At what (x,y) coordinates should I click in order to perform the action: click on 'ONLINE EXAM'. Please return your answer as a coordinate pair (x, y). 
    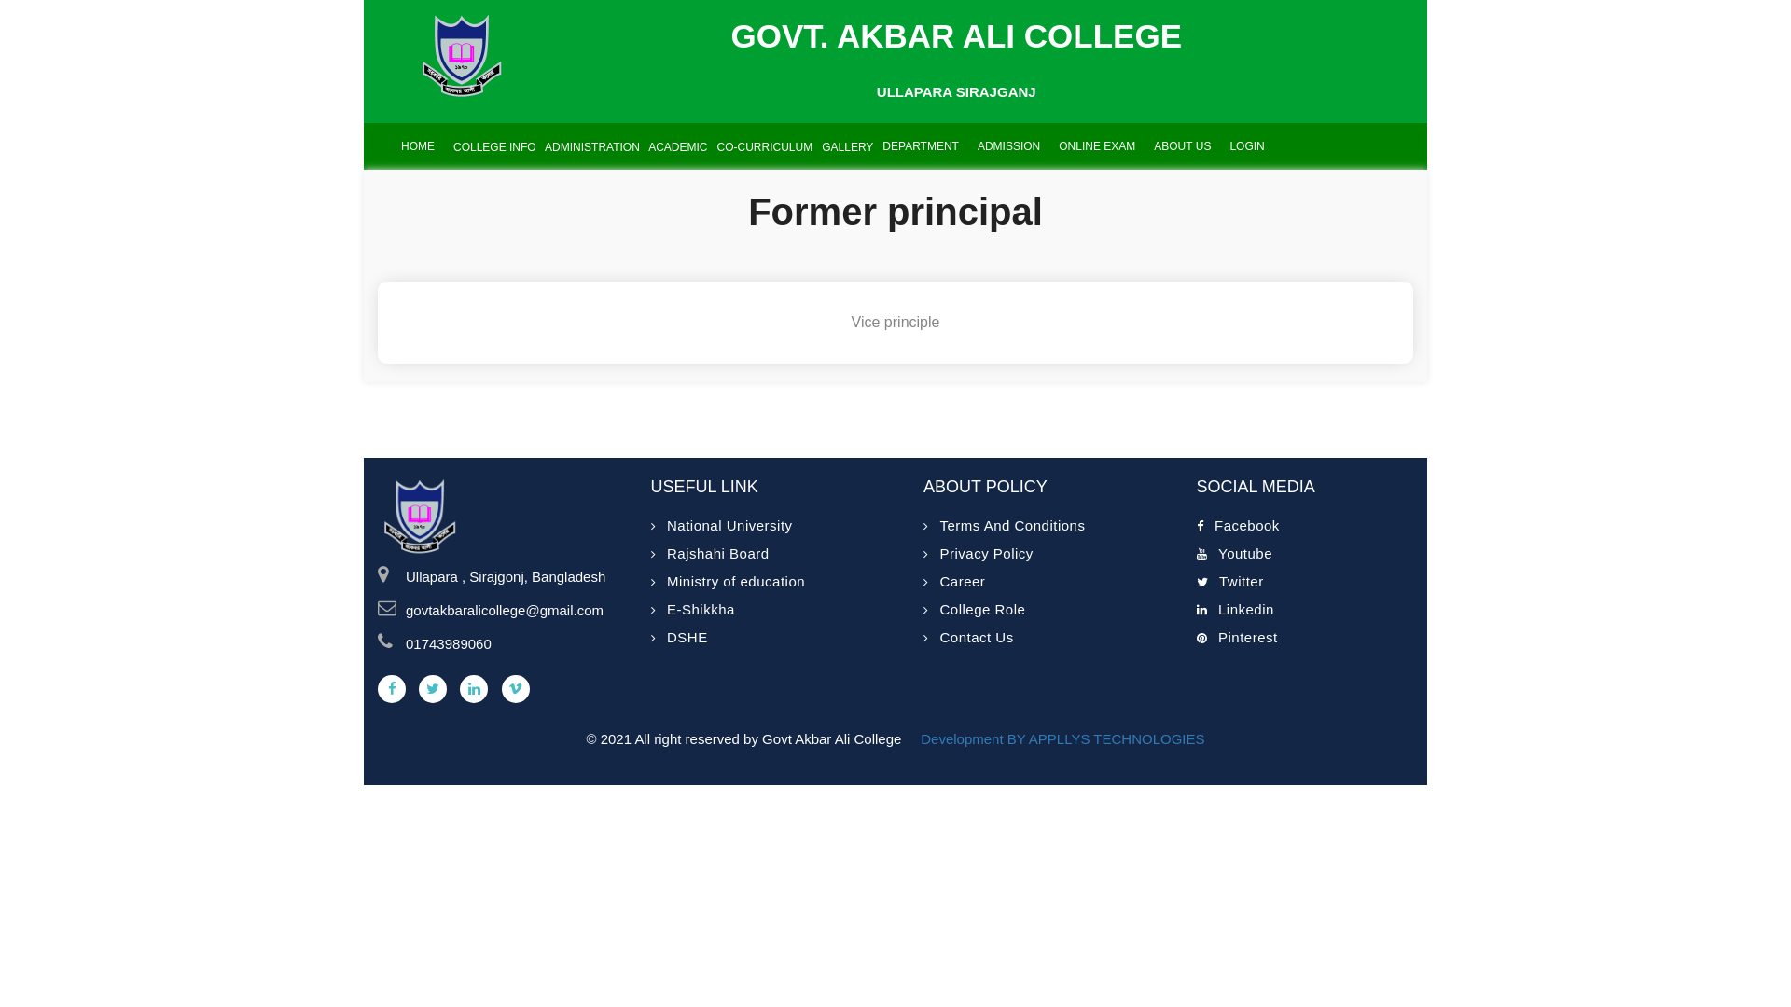
    Looking at the image, I should click on (1097, 145).